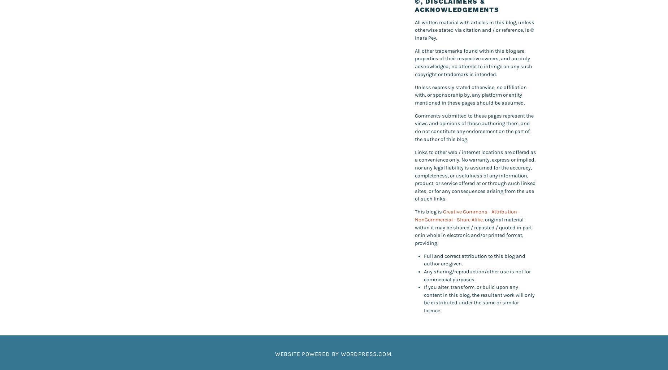 The width and height of the screenshot is (668, 370). What do you see at coordinates (470, 94) in the screenshot?
I see `'Unless expressly stated otherwise, no affiliation with, or sponsorship by, any platform or entity mentioned in these pages should be assumed.'` at bounding box center [470, 94].